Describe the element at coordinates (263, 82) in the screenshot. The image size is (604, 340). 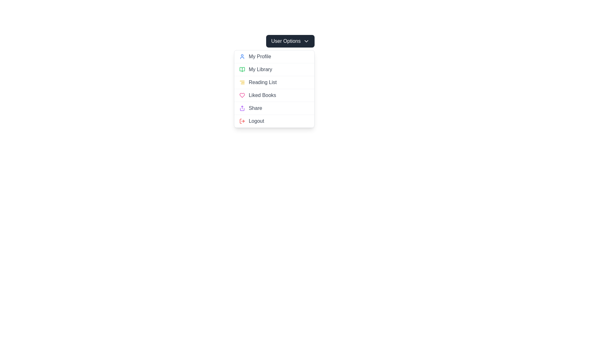
I see `the 'Reading List' text label in the dropdown menu` at that location.